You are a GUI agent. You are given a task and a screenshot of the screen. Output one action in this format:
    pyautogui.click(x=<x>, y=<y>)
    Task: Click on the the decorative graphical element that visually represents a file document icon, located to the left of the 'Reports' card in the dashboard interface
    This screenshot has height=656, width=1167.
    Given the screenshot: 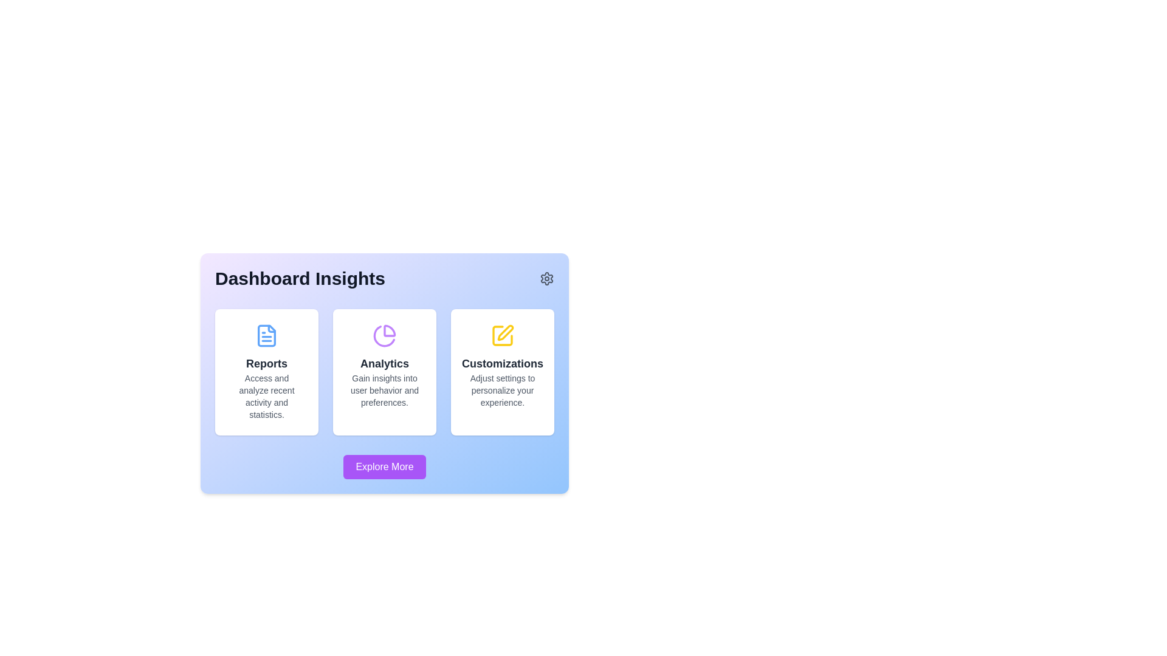 What is the action you would take?
    pyautogui.click(x=271, y=329)
    